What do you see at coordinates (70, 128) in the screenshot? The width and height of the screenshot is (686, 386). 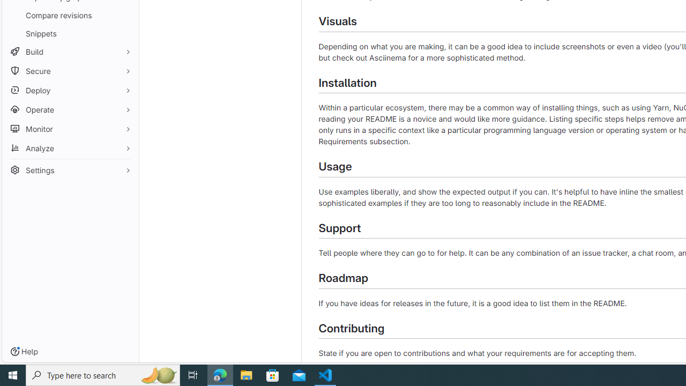 I see `'Monitor'` at bounding box center [70, 128].